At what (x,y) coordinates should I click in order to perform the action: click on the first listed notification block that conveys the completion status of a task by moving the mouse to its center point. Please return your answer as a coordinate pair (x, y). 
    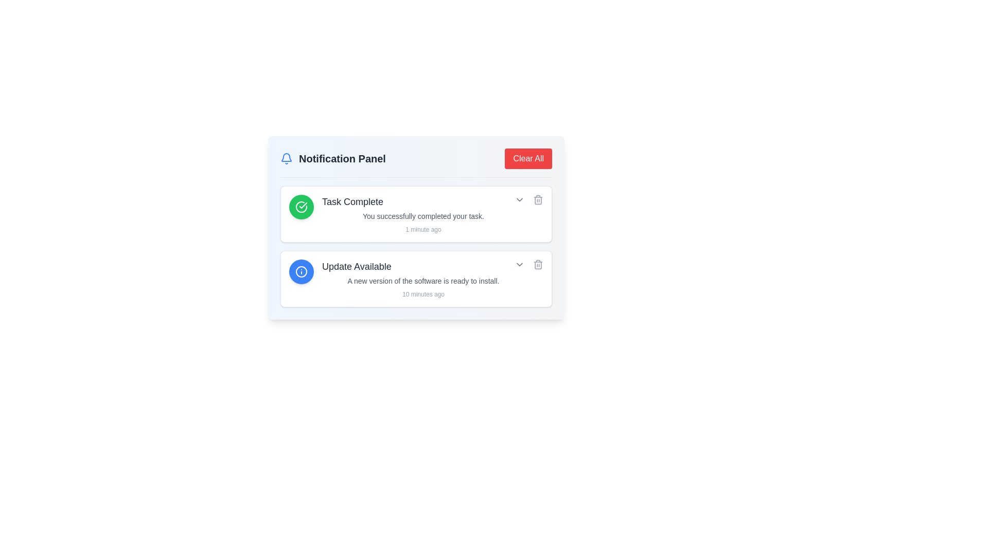
    Looking at the image, I should click on (423, 213).